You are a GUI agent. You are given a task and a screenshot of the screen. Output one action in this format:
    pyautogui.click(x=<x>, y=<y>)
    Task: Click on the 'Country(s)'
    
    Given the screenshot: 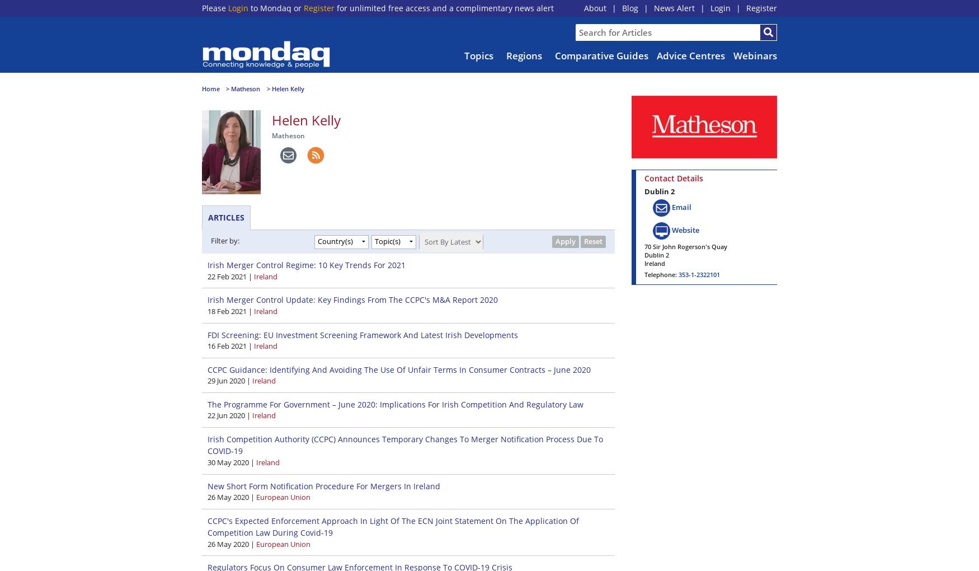 What is the action you would take?
    pyautogui.click(x=336, y=240)
    